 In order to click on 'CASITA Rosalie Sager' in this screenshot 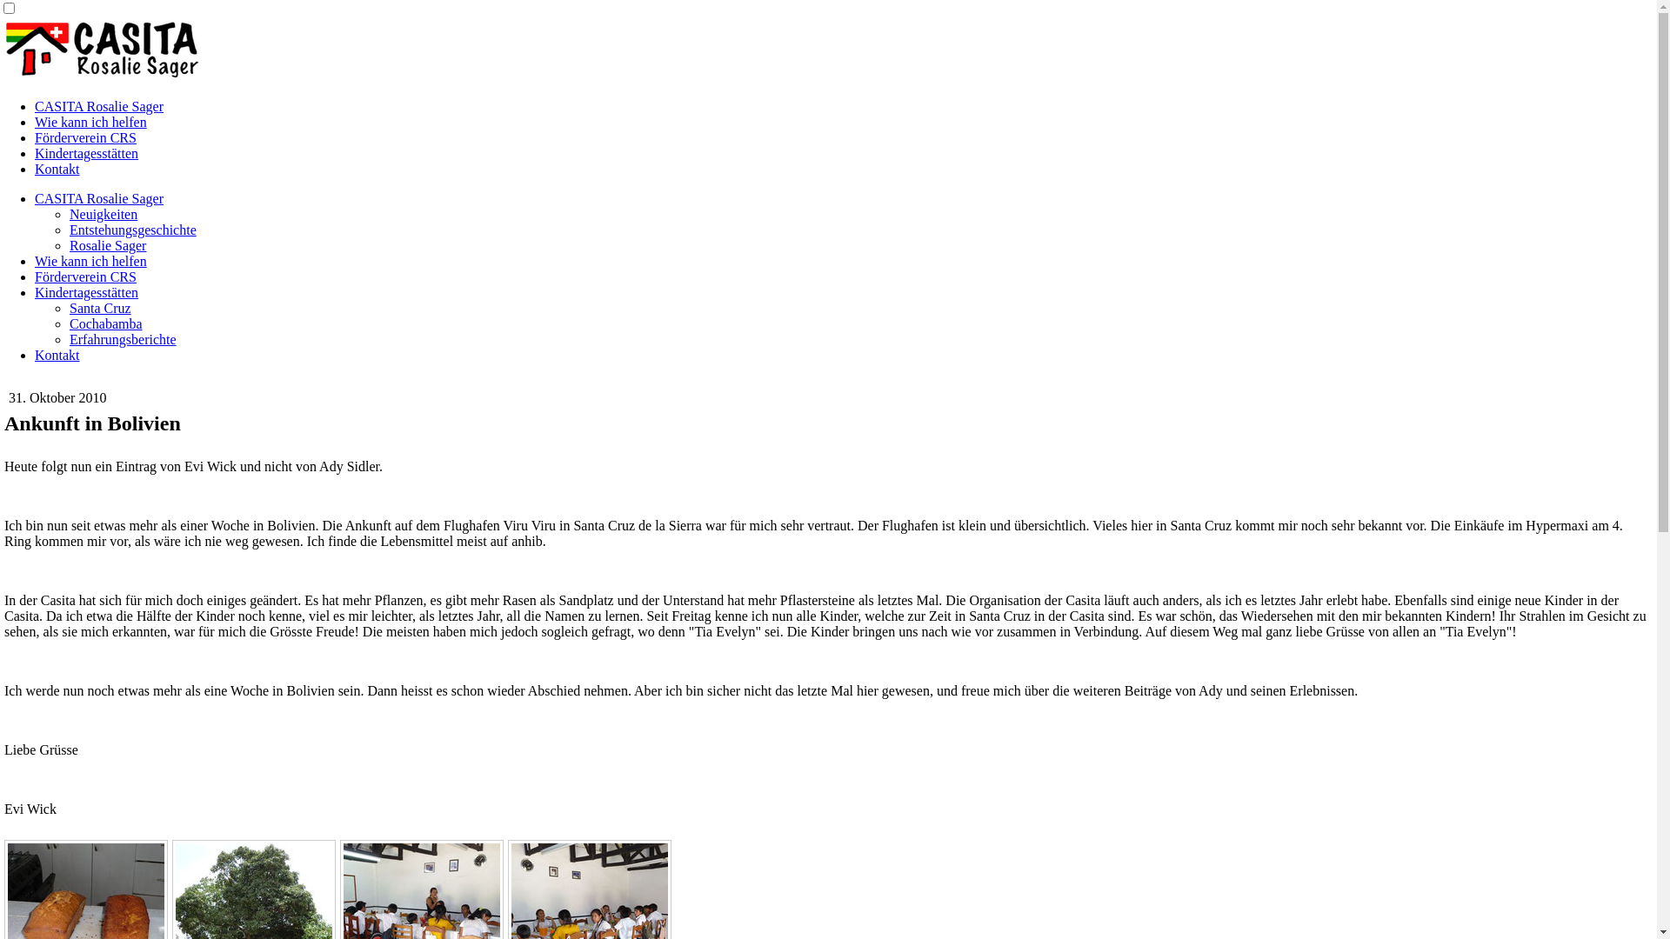, I will do `click(98, 197)`.